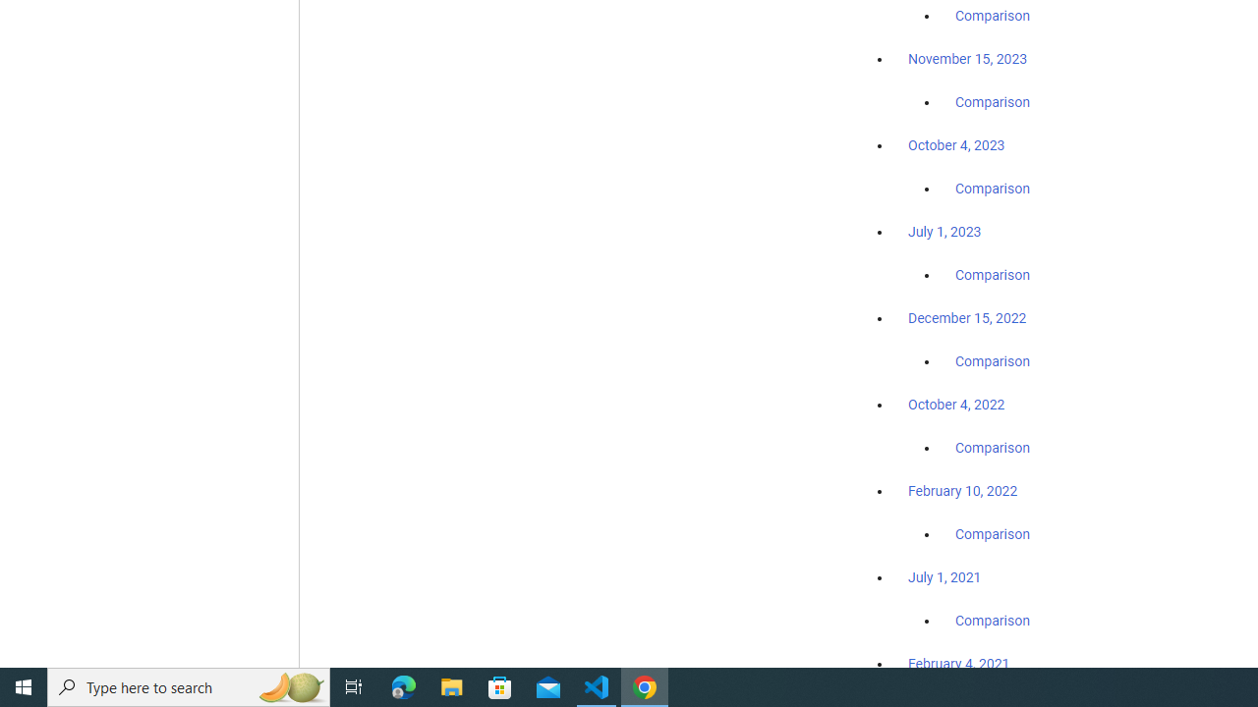 This screenshot has height=707, width=1258. Describe the element at coordinates (956, 144) in the screenshot. I see `'October 4, 2023'` at that location.